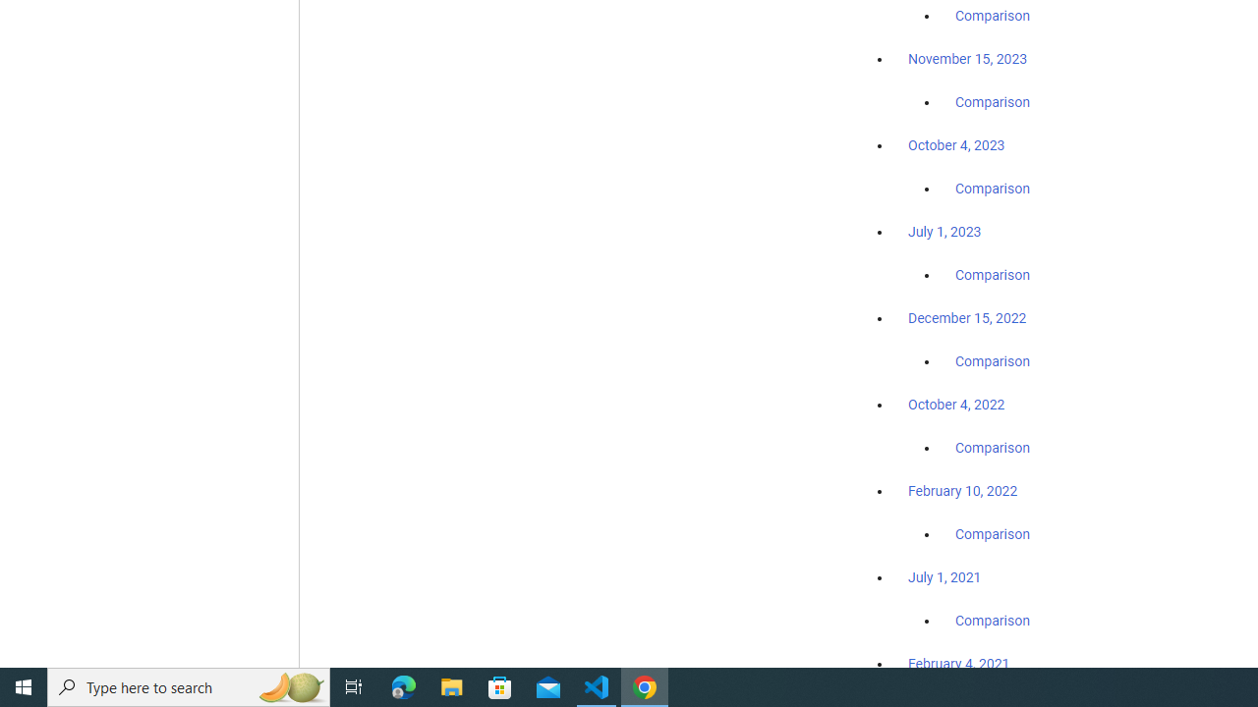 This screenshot has height=707, width=1258. Describe the element at coordinates (956, 144) in the screenshot. I see `'October 4, 2023'` at that location.